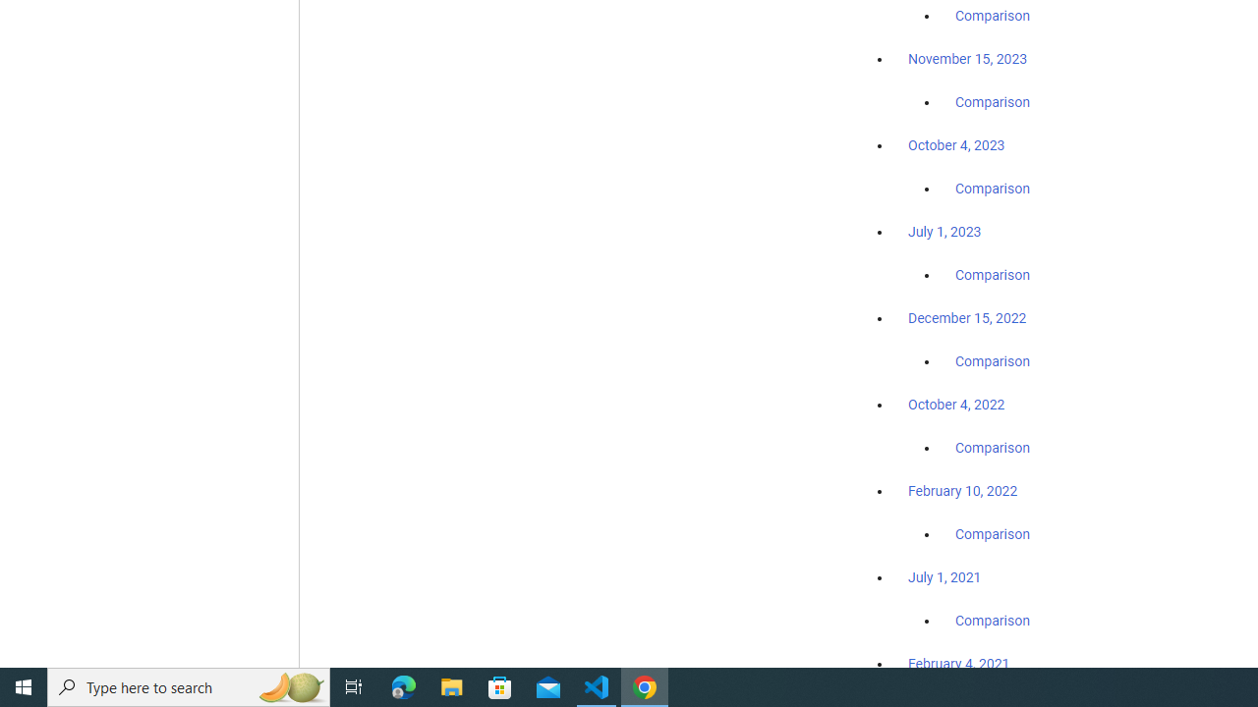 This screenshot has height=707, width=1258. Describe the element at coordinates (956, 144) in the screenshot. I see `'October 4, 2023'` at that location.